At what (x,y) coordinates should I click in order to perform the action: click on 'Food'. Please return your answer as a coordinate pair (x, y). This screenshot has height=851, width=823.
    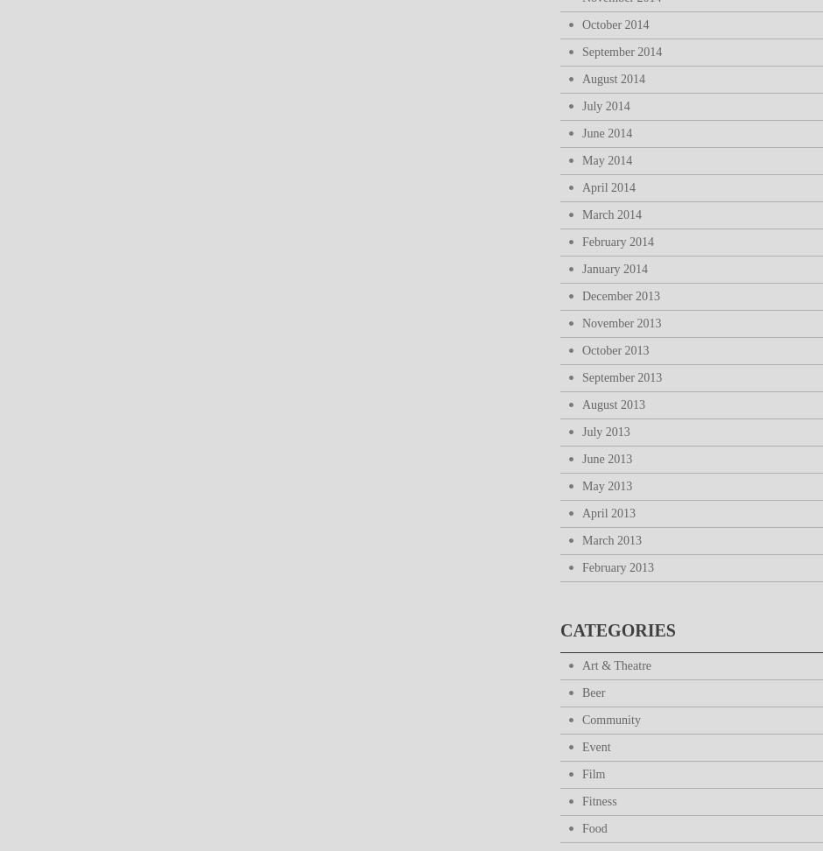
    Looking at the image, I should click on (593, 827).